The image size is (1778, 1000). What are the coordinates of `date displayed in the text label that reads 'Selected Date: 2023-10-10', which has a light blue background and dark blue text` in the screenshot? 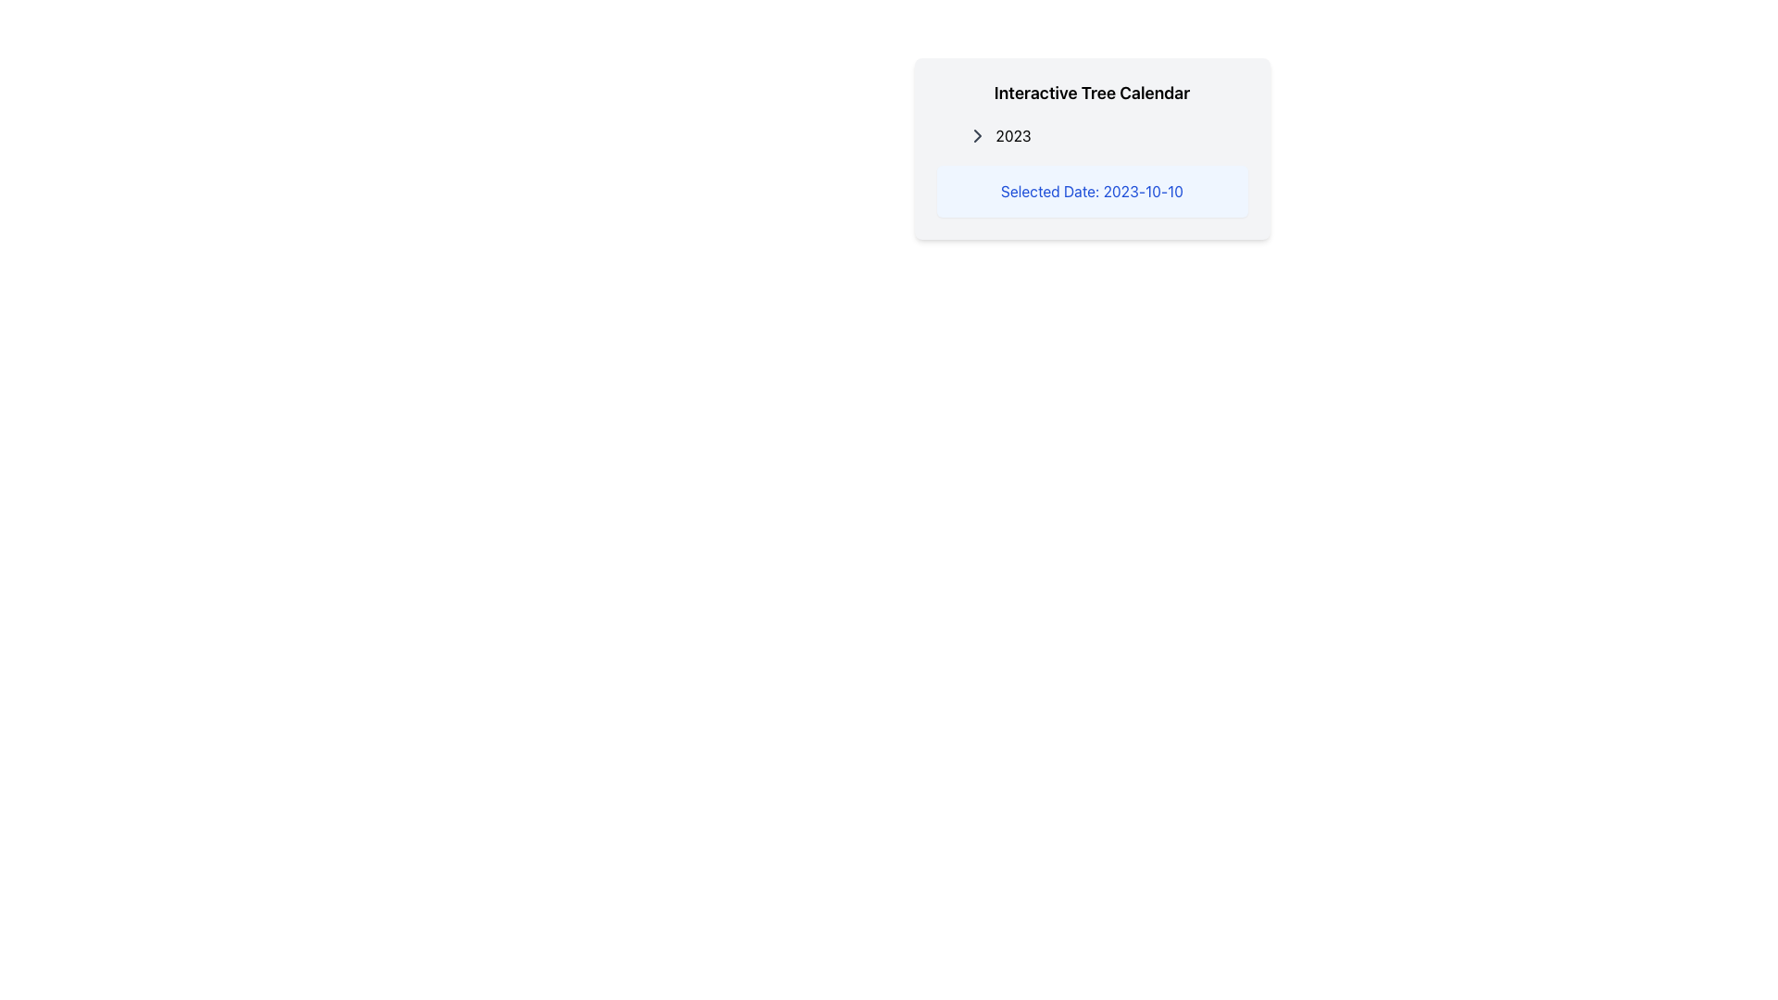 It's located at (1092, 192).